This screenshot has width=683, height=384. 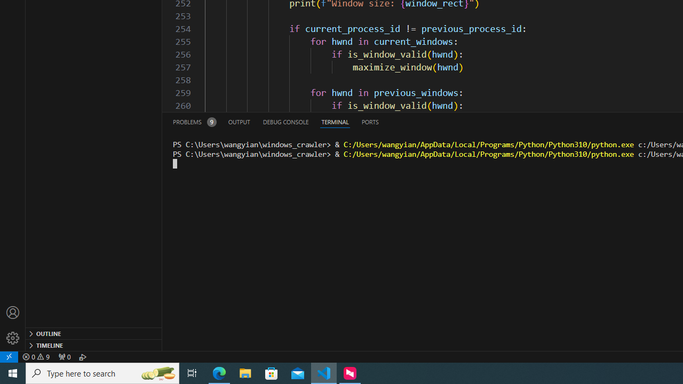 I want to click on 'Accounts', so click(x=13, y=312).